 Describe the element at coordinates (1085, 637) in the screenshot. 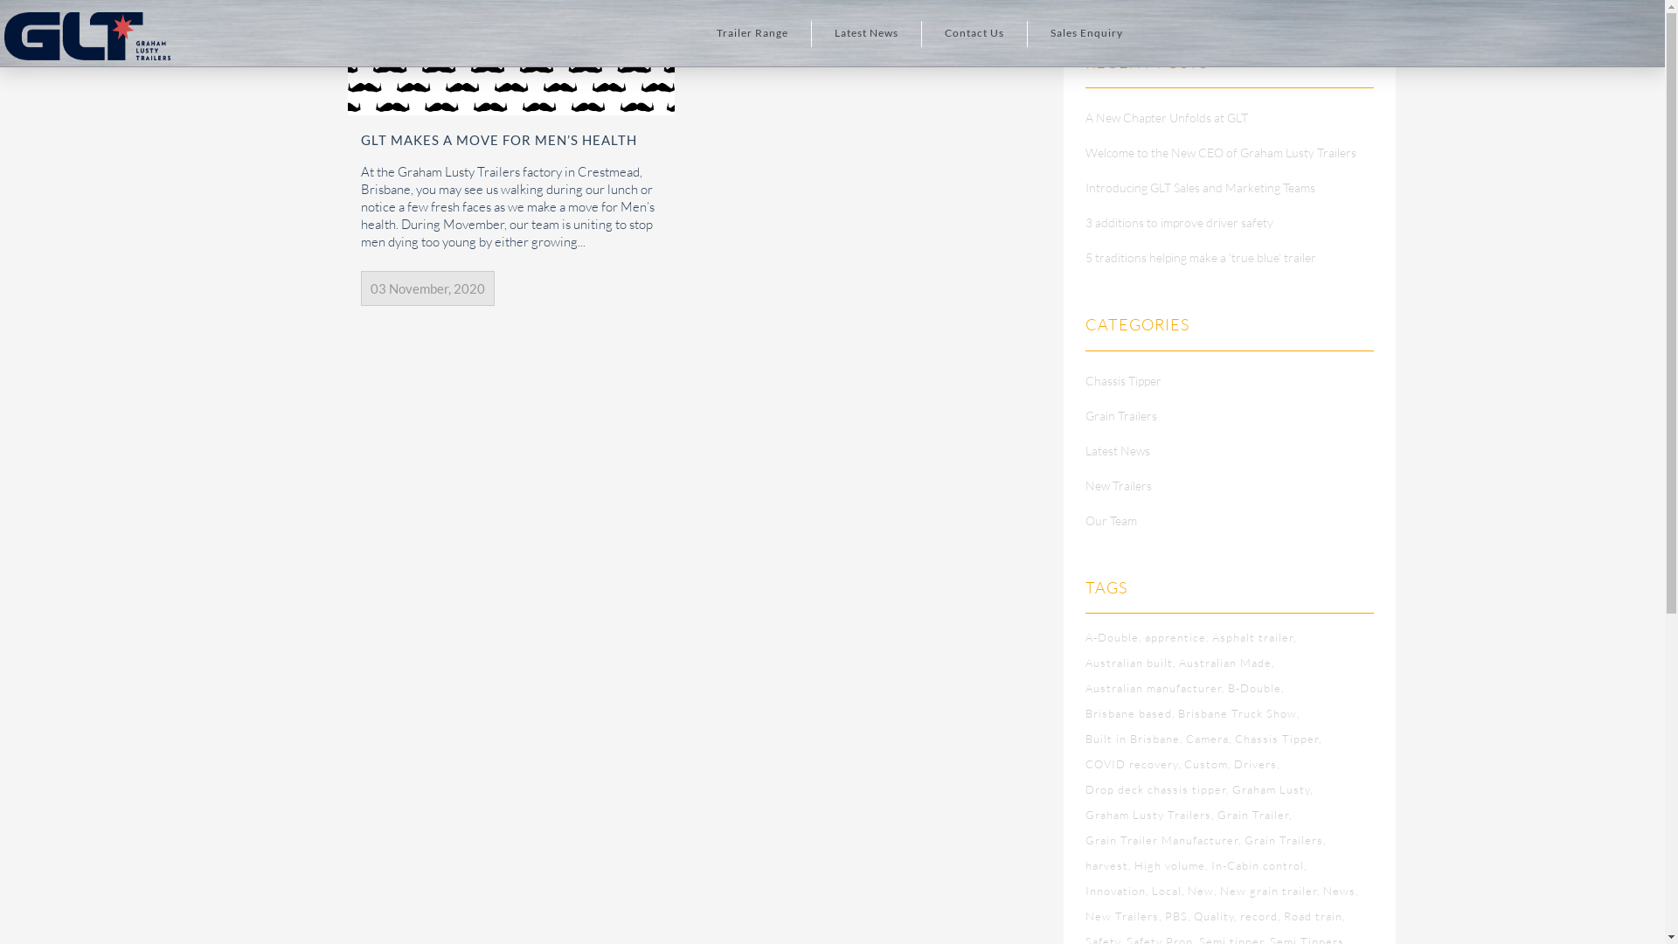

I see `'A-Double'` at that location.